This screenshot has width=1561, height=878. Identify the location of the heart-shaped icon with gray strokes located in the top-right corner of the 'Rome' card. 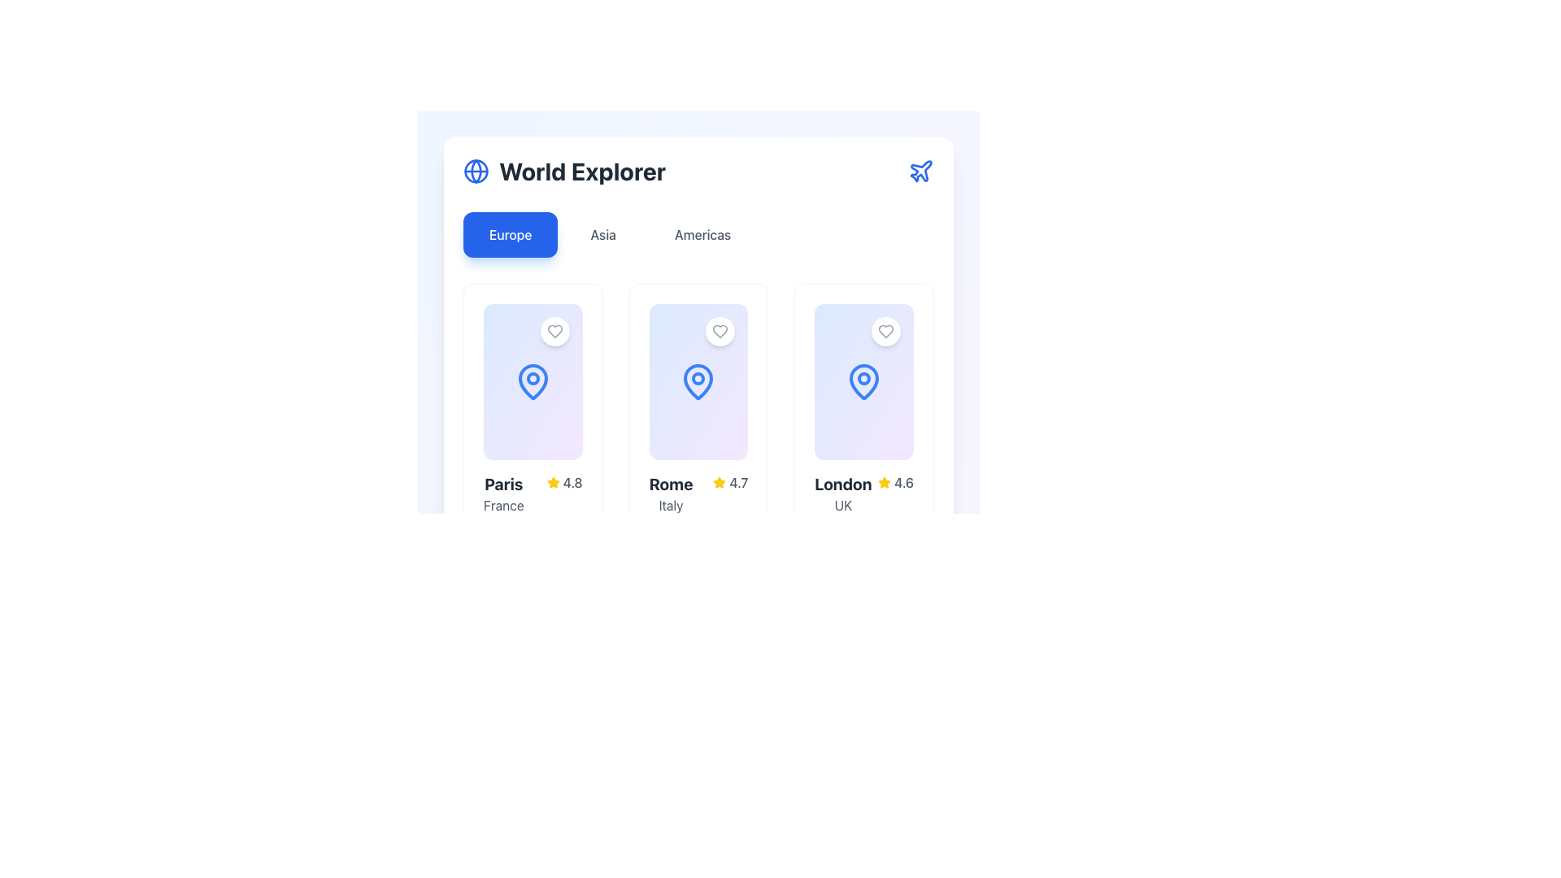
(720, 331).